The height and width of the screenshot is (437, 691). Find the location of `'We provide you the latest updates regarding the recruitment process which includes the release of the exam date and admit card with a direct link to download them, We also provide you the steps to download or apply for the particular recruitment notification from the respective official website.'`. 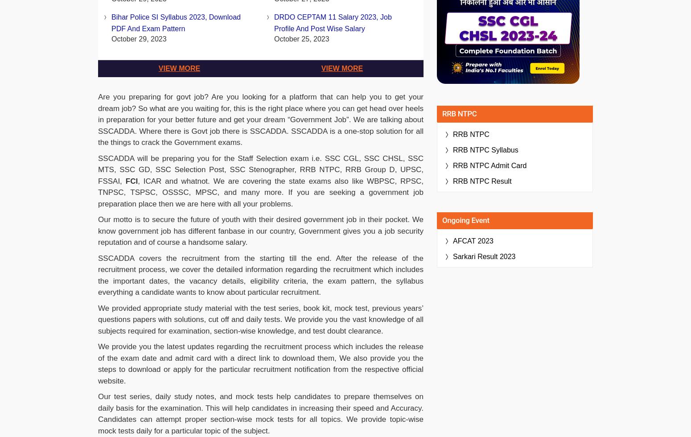

'We provide you the latest updates regarding the recruitment process which includes the release of the exam date and admit card with a direct link to download them, We also provide you the steps to download or apply for the particular recruitment notification from the respective official website.' is located at coordinates (260, 363).